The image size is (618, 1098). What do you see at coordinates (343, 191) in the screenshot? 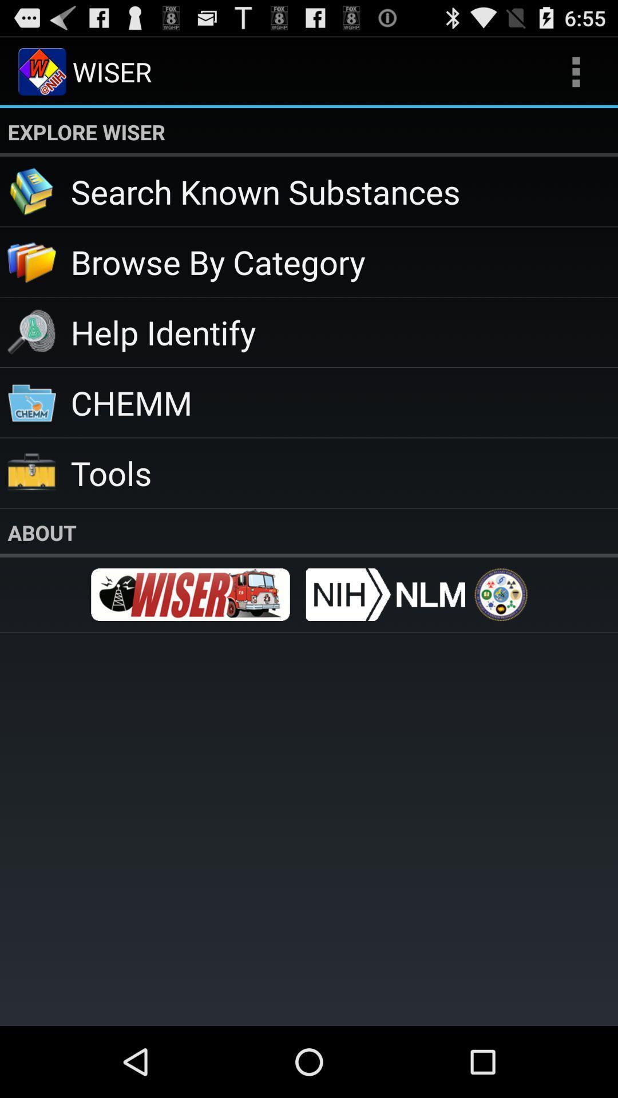
I see `search known substances app` at bounding box center [343, 191].